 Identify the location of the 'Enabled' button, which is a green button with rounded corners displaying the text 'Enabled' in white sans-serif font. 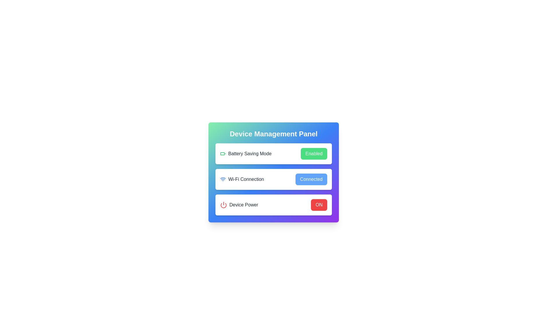
(314, 153).